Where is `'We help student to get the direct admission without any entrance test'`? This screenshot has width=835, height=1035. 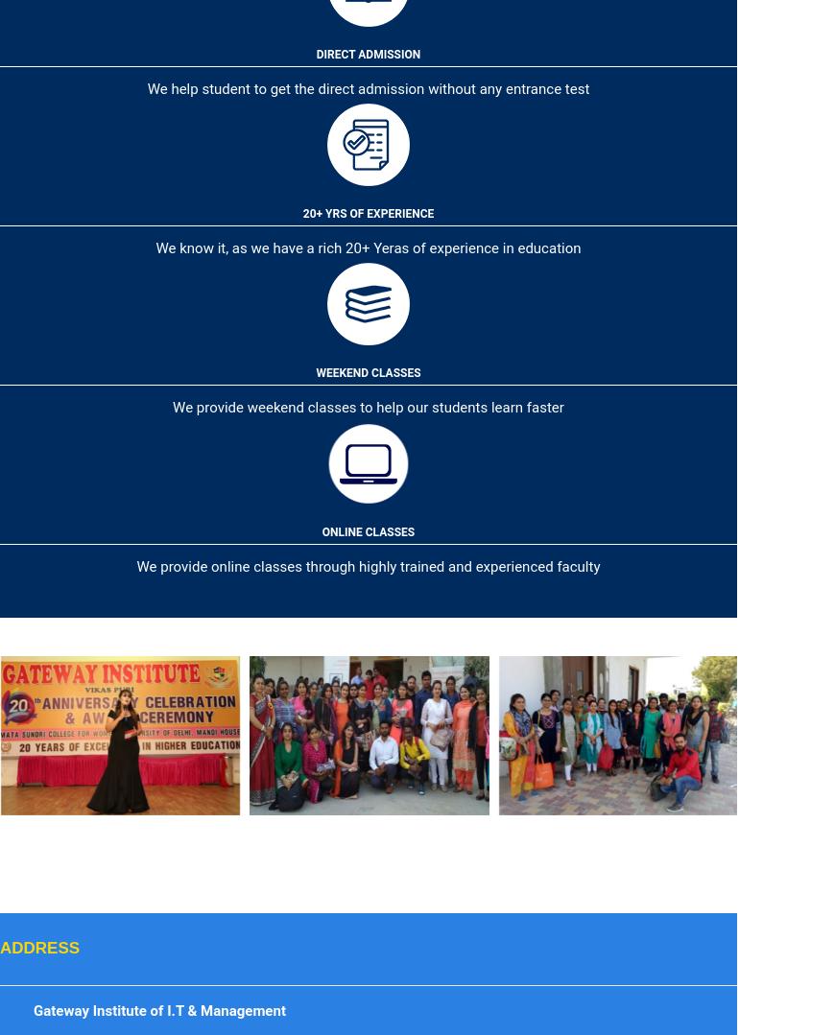 'We help student to get the direct admission without any entrance test' is located at coordinates (368, 89).